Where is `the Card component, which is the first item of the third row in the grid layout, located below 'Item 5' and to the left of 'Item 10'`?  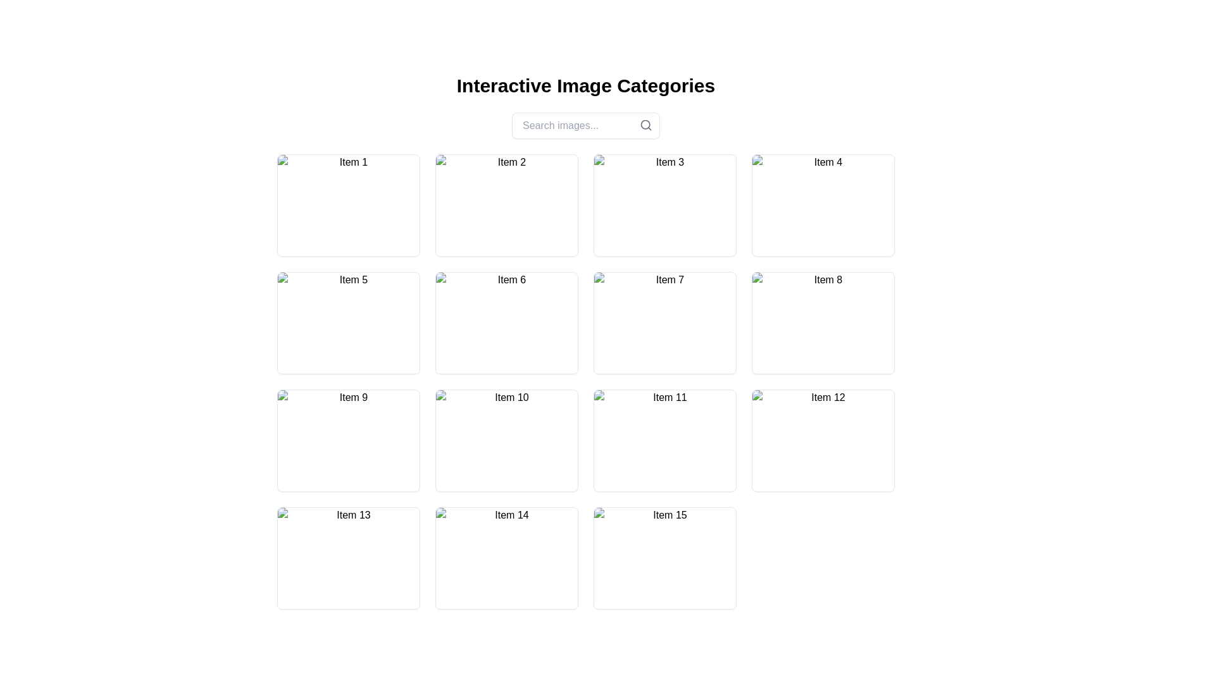
the Card component, which is the first item of the third row in the grid layout, located below 'Item 5' and to the left of 'Item 10' is located at coordinates (349, 440).